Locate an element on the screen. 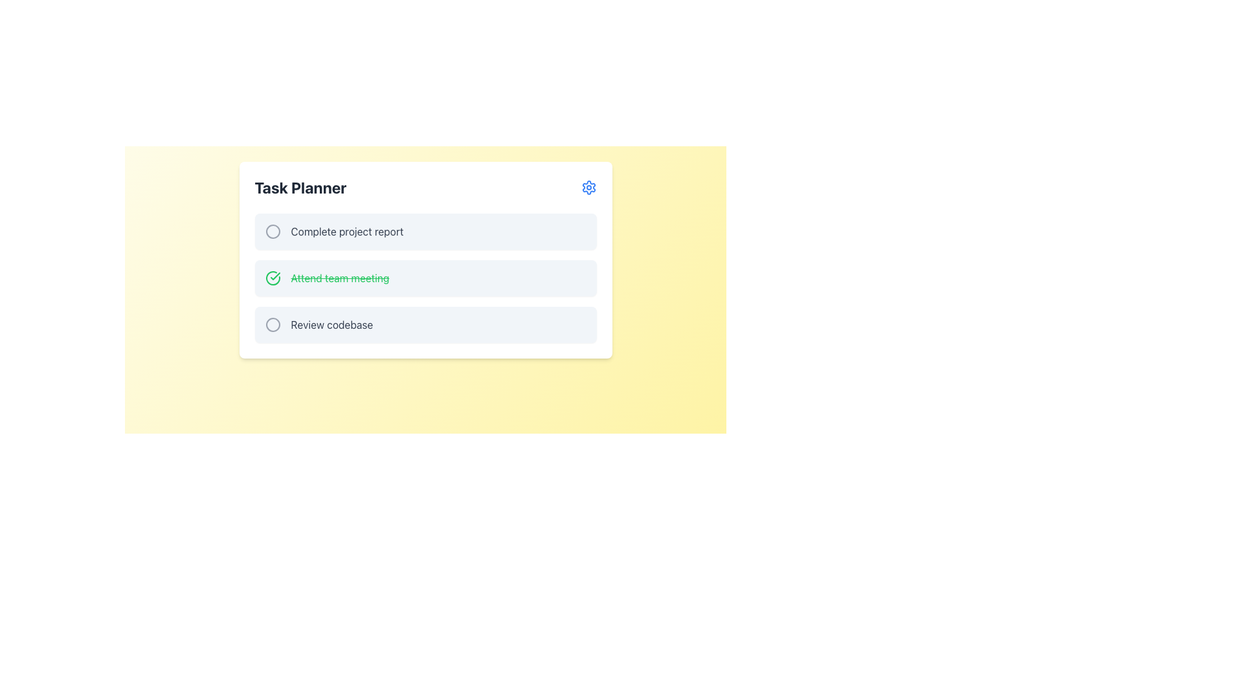  the 'Attend team meeting' completed task item is located at coordinates (425, 277).